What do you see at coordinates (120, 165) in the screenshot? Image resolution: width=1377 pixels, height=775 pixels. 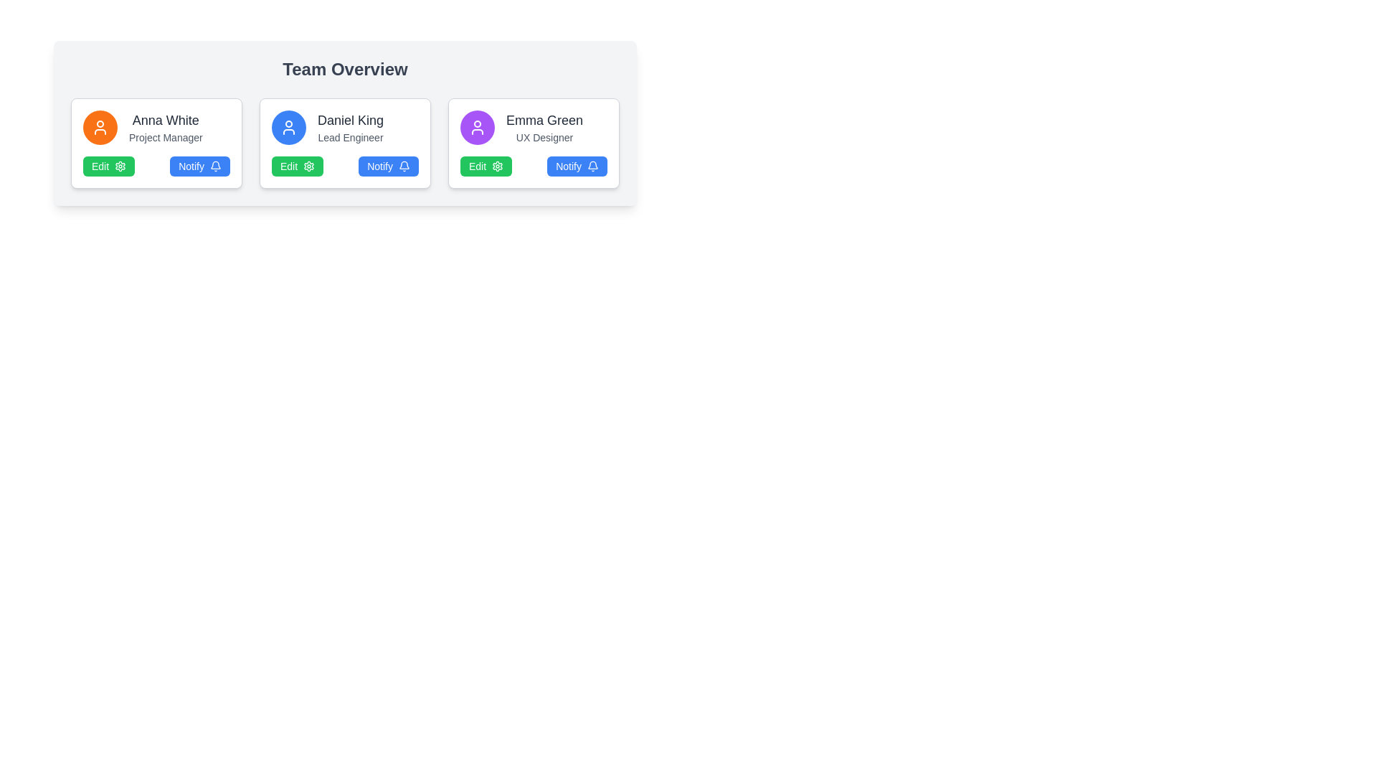 I see `the circular gear icon with a green background located inside the 'Edit' button of the first profile card labeled 'Anna White - Project Manager' in the 'Team Overview' section` at bounding box center [120, 165].